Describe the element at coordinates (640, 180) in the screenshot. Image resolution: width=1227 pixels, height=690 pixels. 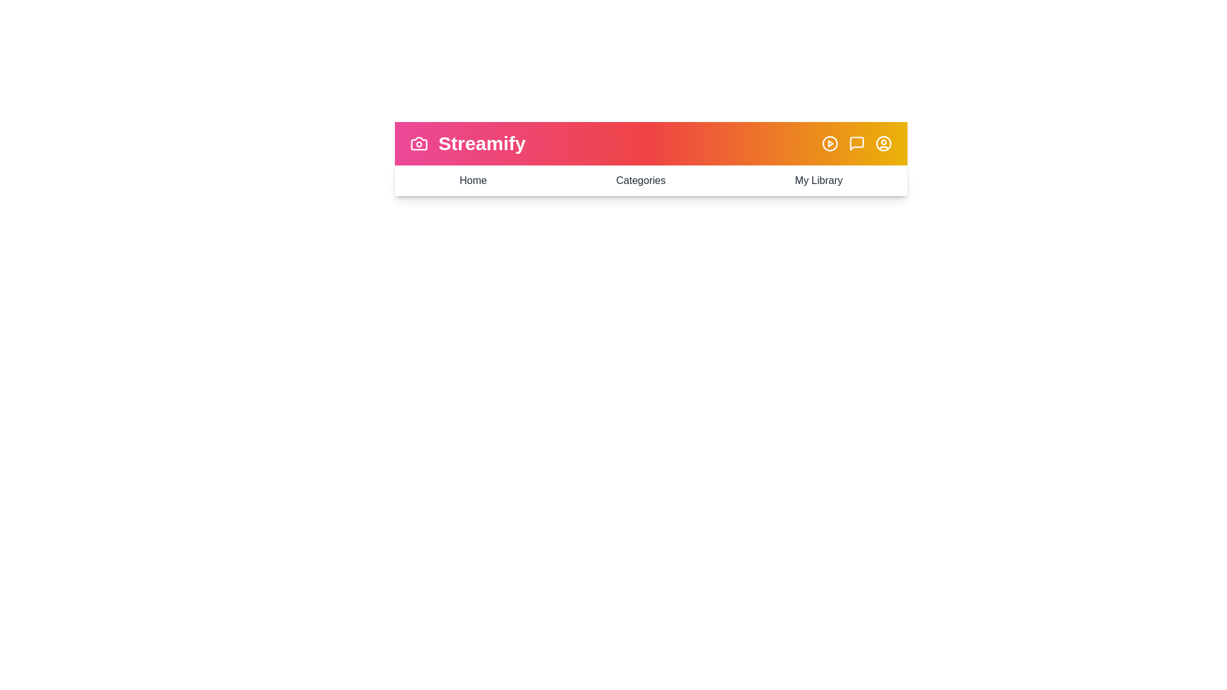
I see `the 'Categories' menu item to navigate to the Categories view` at that location.